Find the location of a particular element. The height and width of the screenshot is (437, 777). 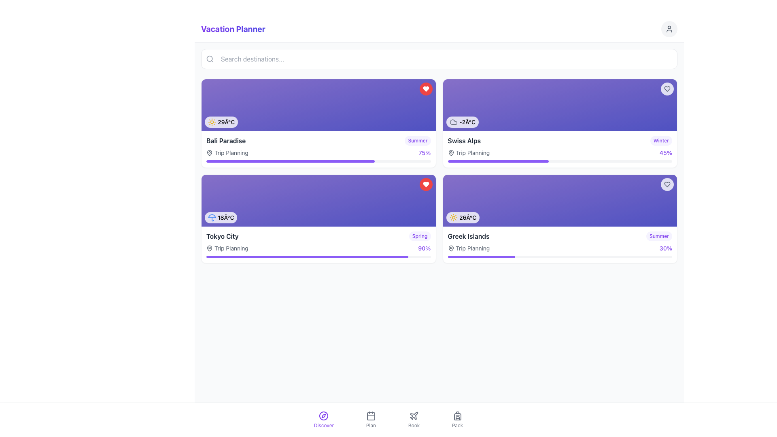

text label 'Plan' located beneath the calendar icon in the navigation bar at the bottom of the interface is located at coordinates (370, 425).